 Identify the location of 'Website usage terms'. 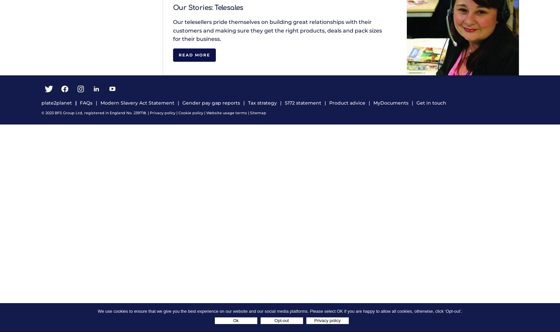
(206, 113).